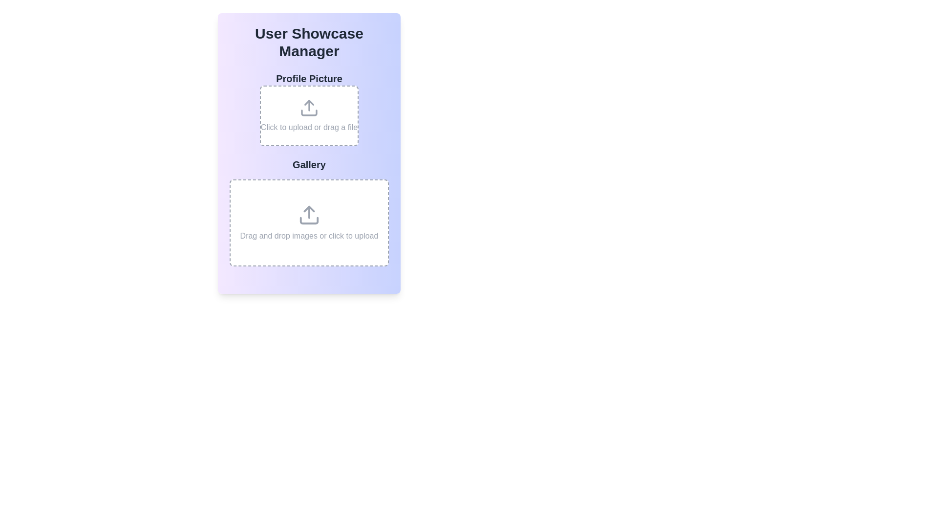 The width and height of the screenshot is (938, 528). What do you see at coordinates (309, 115) in the screenshot?
I see `and drop a file into the file upload area located below the 'Profile Picture' title` at bounding box center [309, 115].